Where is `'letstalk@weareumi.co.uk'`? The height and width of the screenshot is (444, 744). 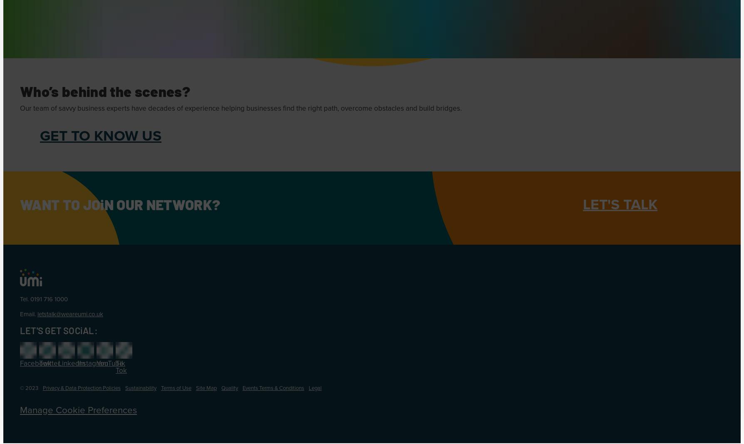 'letstalk@weareumi.co.uk' is located at coordinates (70, 313).